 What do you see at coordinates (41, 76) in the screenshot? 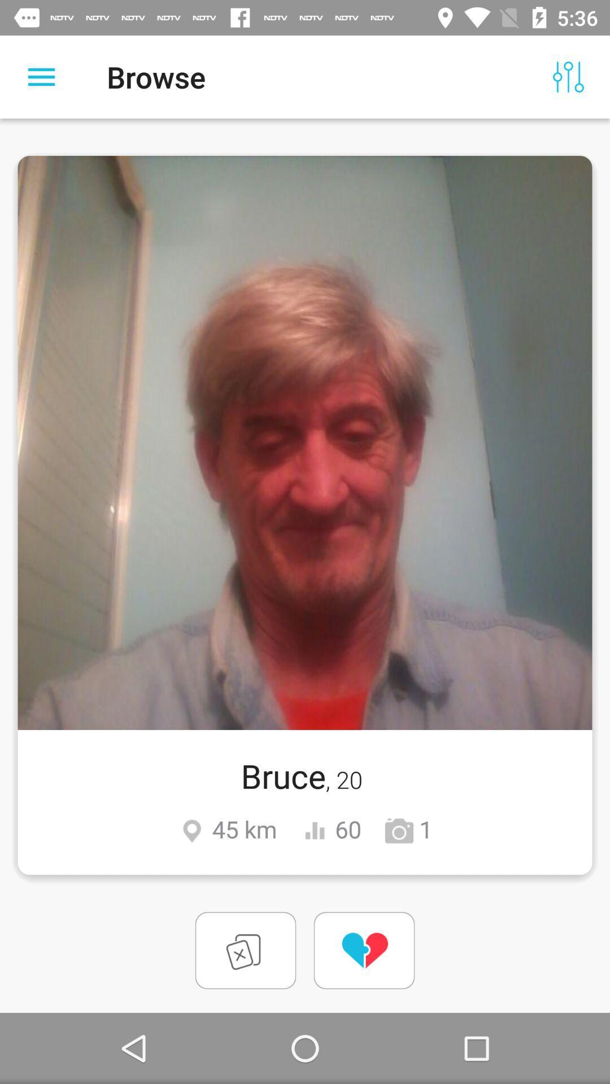
I see `switch more options` at bounding box center [41, 76].